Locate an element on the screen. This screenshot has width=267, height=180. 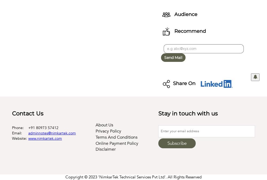
'Contact Us' is located at coordinates (12, 113).